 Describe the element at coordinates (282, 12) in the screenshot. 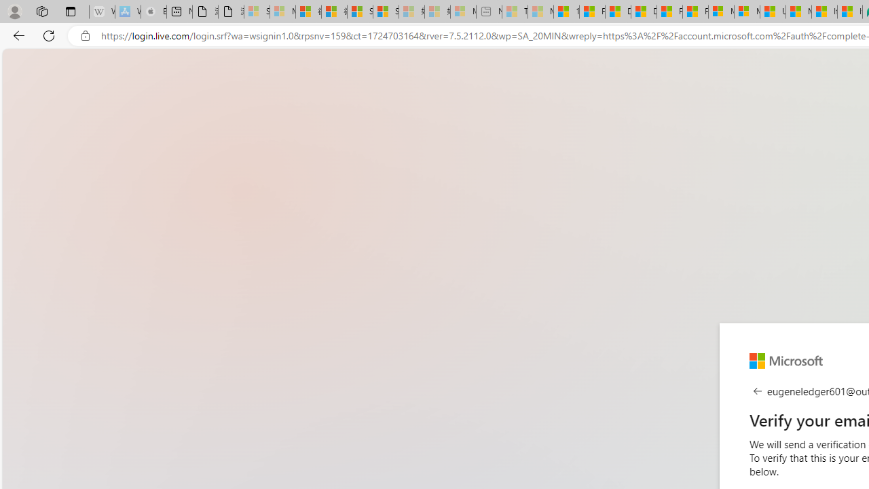

I see `'Microsoft Services Agreement - Sleeping'` at that location.